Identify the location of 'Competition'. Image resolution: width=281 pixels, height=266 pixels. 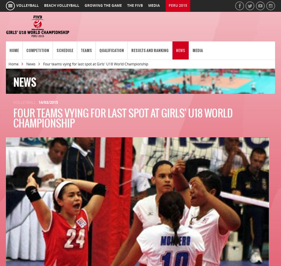
(38, 50).